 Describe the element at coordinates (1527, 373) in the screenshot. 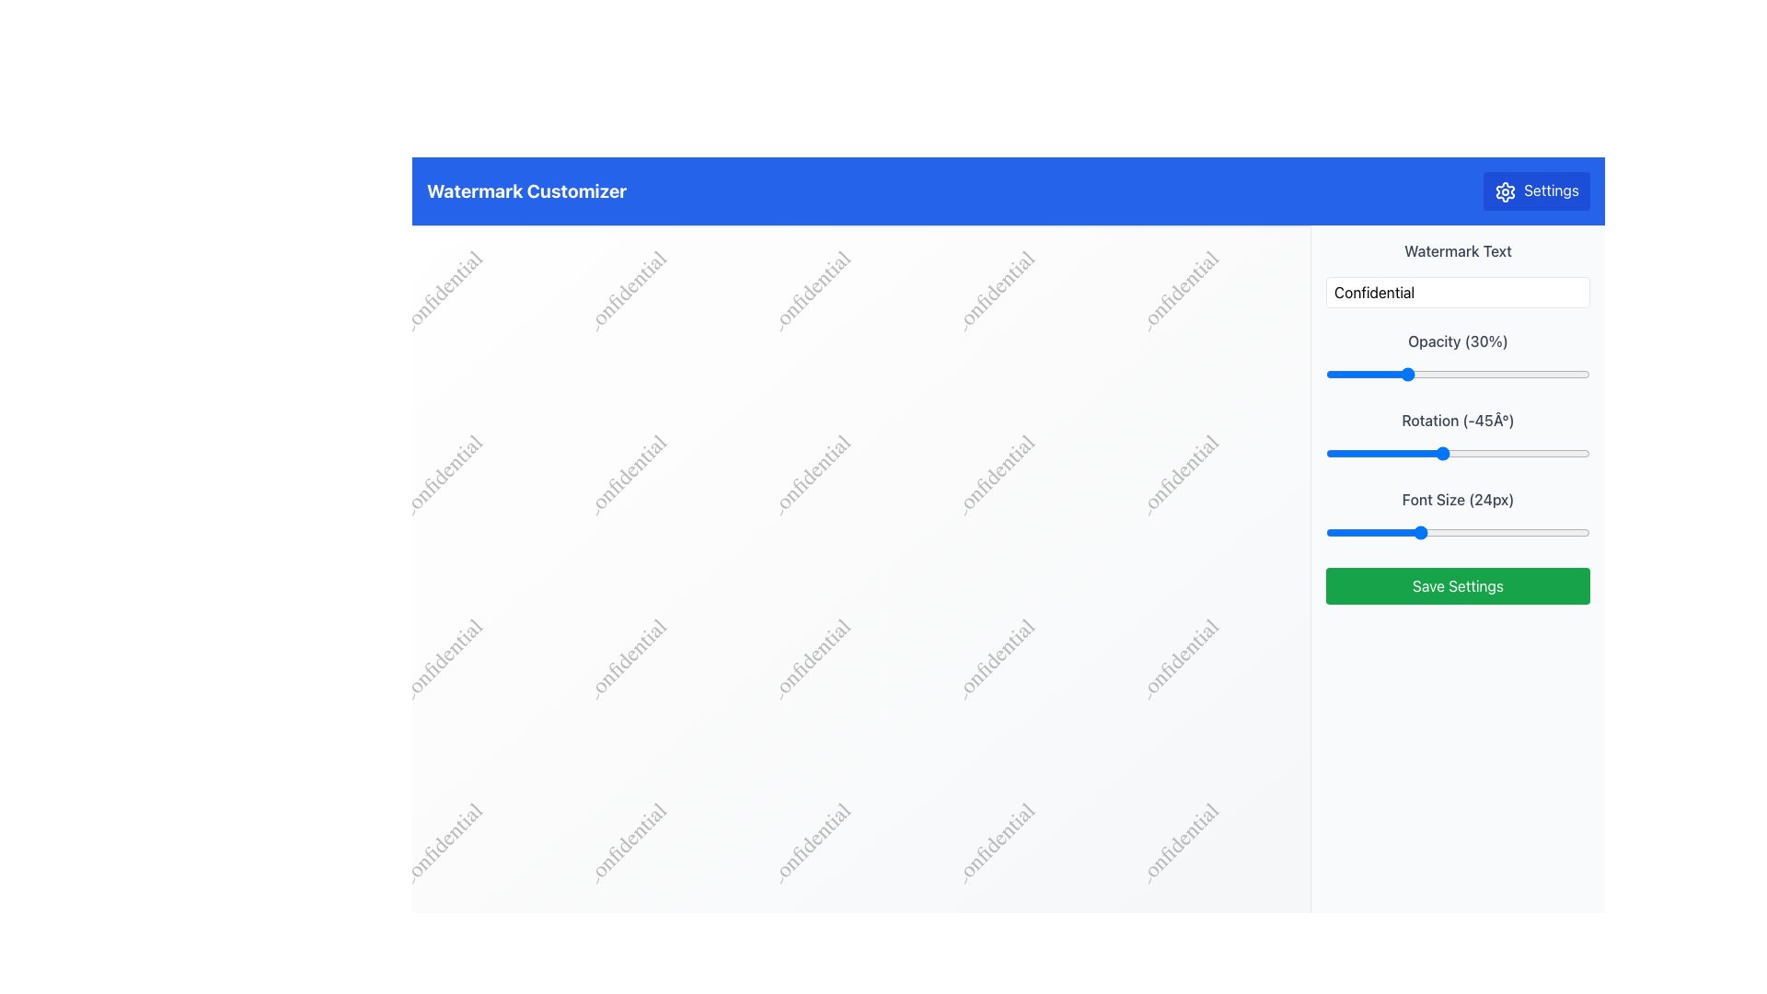

I see `the opacity` at that location.